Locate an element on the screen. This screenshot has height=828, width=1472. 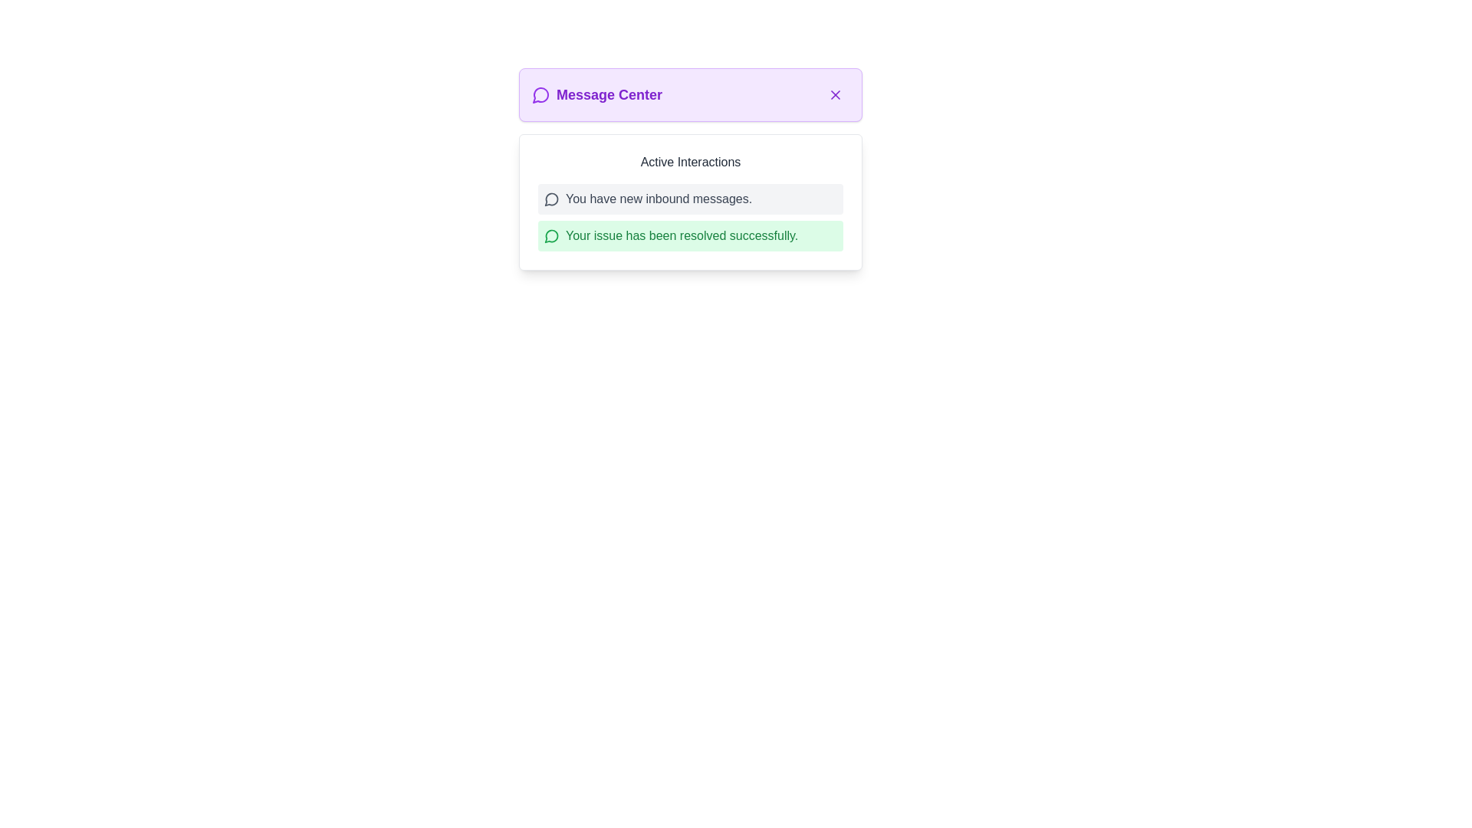
the circular graphical icon with a speech bubble outline located near the top-left corner of the 'Message Center' pop-up is located at coordinates (551, 199).